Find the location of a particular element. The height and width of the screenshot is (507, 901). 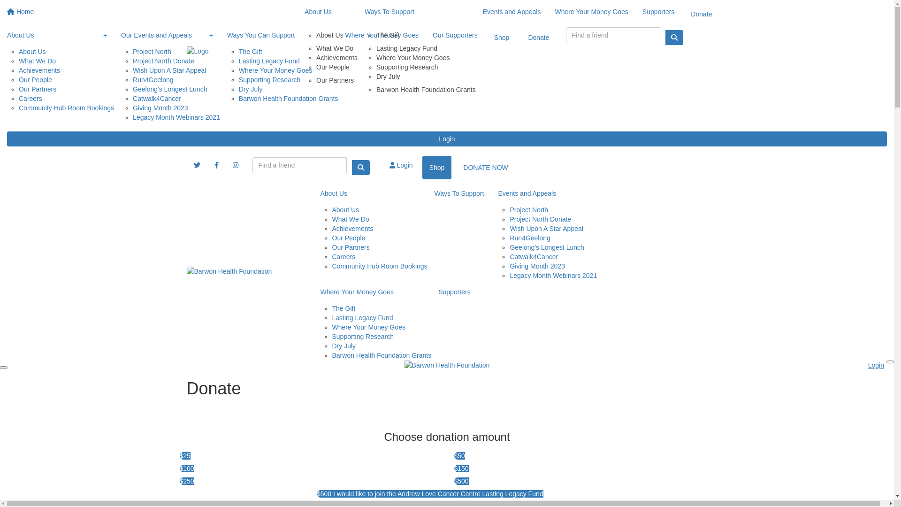

'Giving Month 2023' is located at coordinates (537, 266).